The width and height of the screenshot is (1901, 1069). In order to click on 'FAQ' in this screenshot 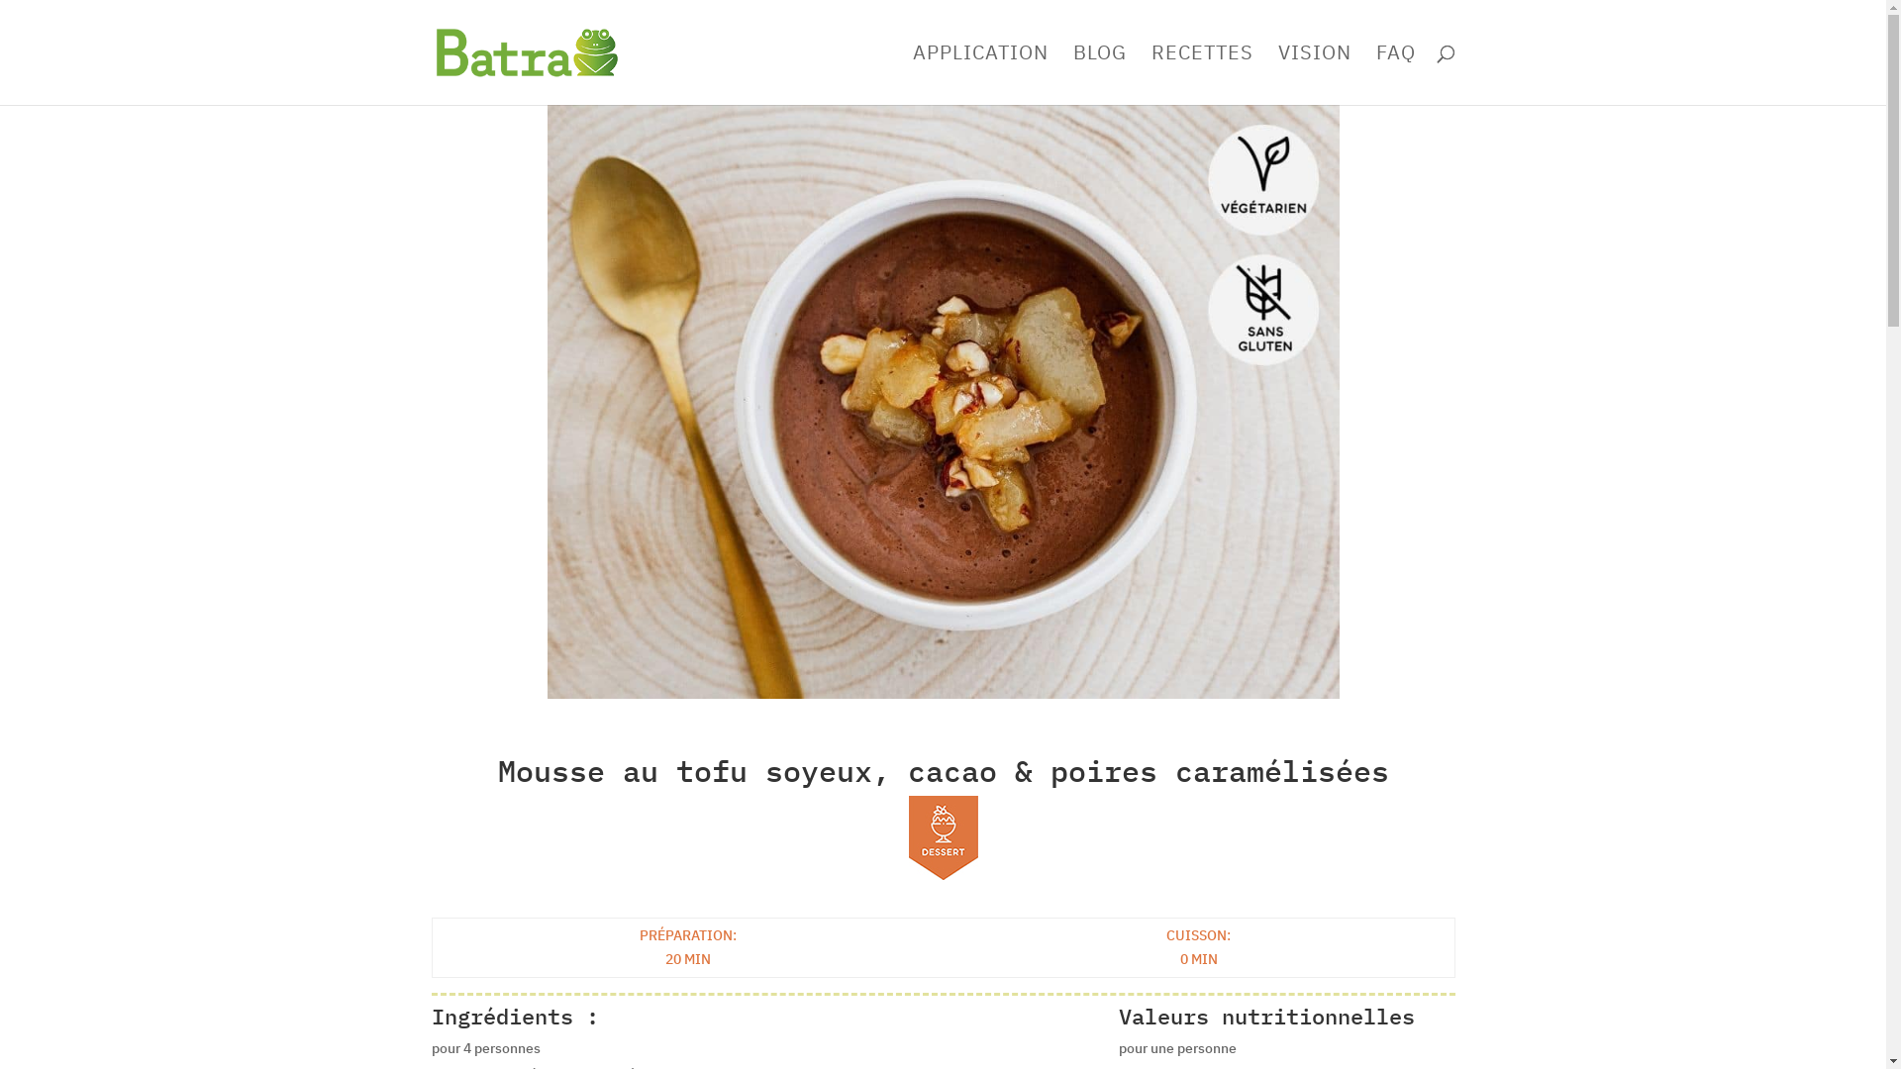, I will do `click(1395, 74)`.